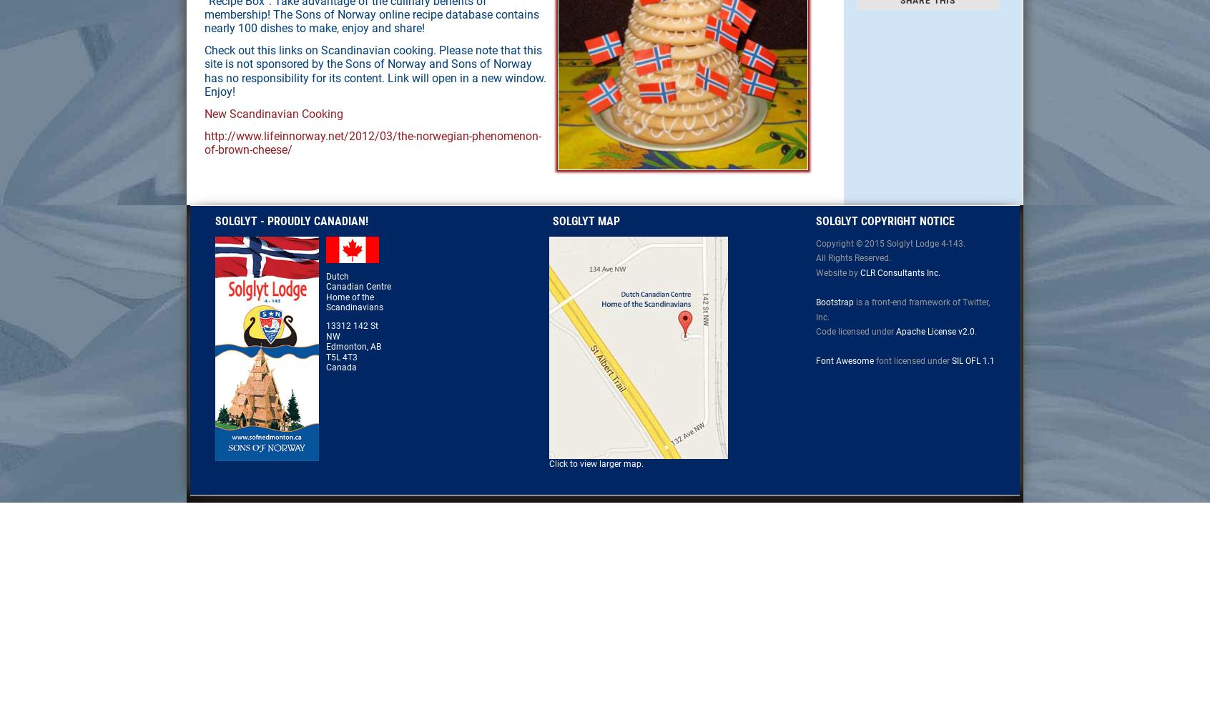 This screenshot has width=1210, height=715. I want to click on 'Apache License v2.0', so click(934, 331).